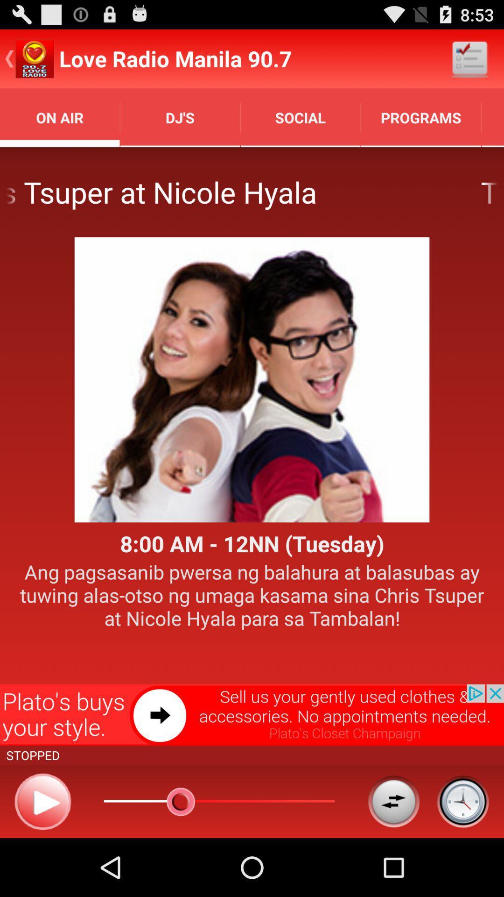 The width and height of the screenshot is (504, 897). I want to click on the icon next to the love radio manila icon, so click(469, 58).